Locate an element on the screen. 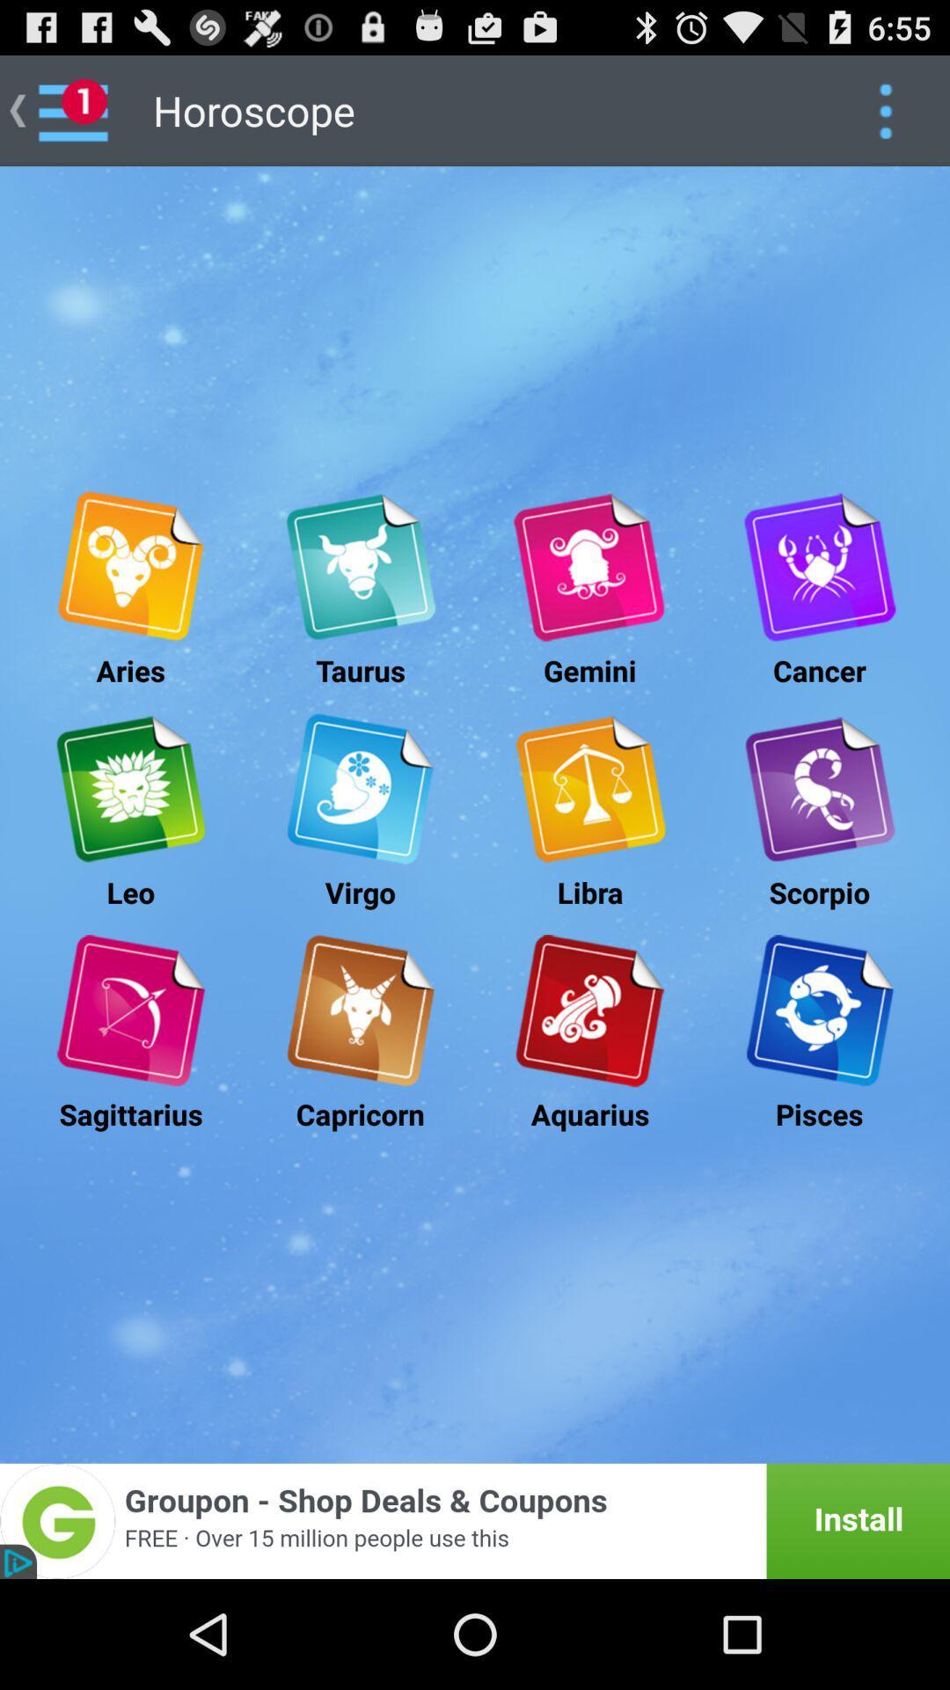 Image resolution: width=950 pixels, height=1690 pixels. link for pisces page is located at coordinates (819, 1010).